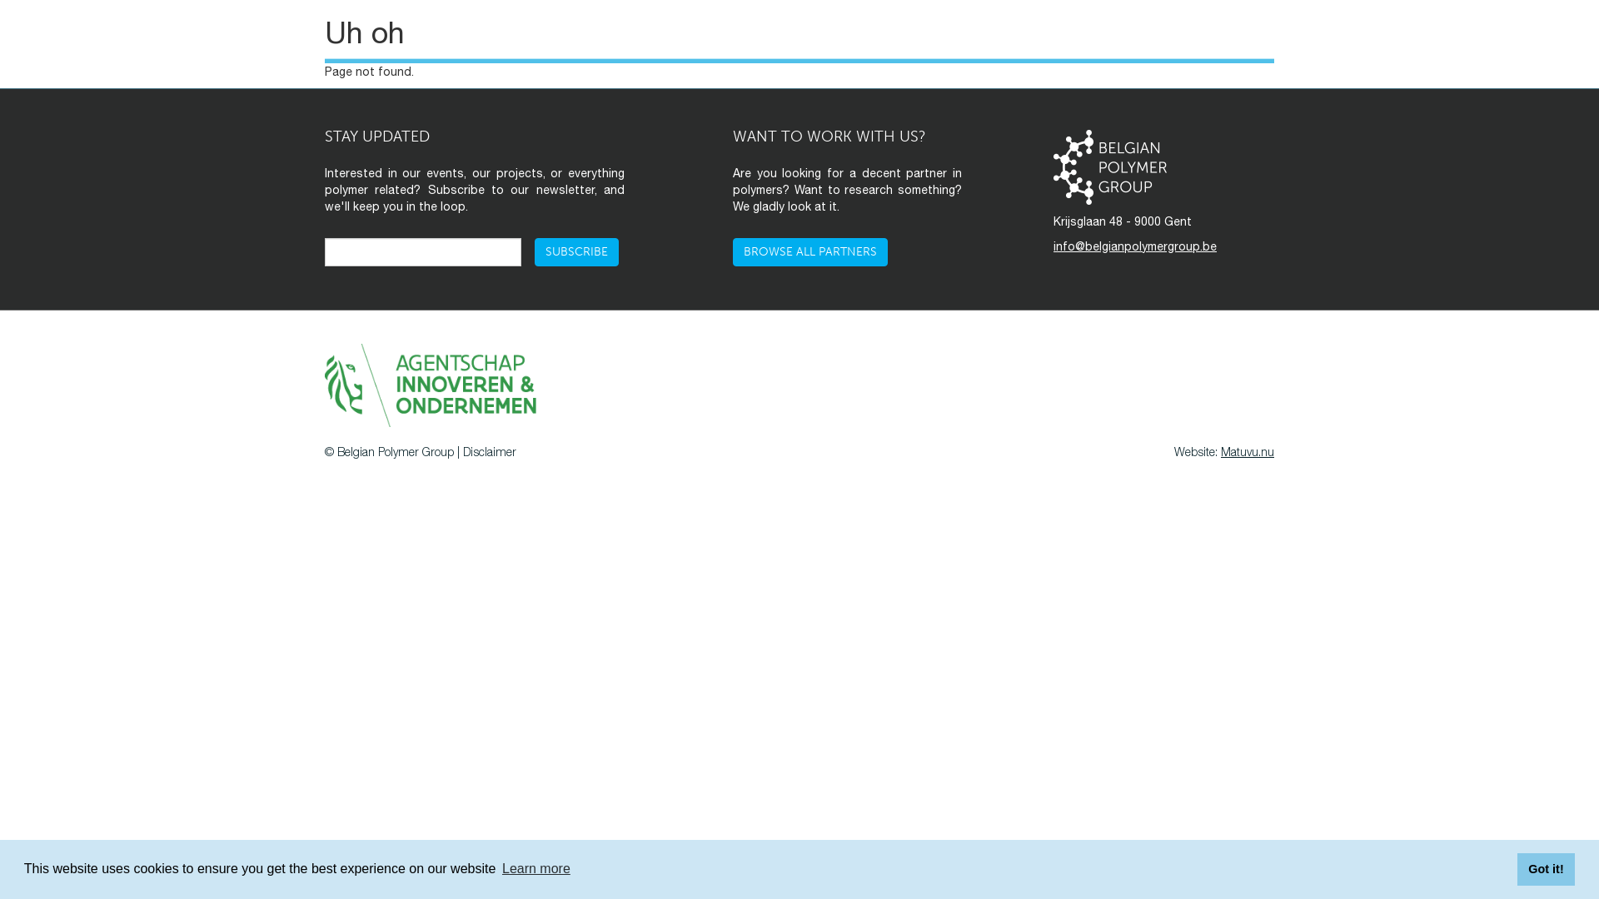  I want to click on 'info@belgianpolymergroup.be', so click(1134, 246).